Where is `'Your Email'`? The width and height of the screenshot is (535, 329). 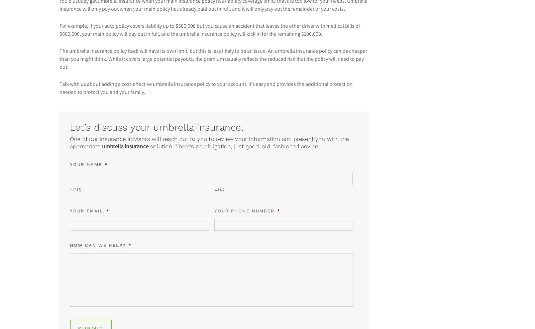
'Your Email' is located at coordinates (87, 210).